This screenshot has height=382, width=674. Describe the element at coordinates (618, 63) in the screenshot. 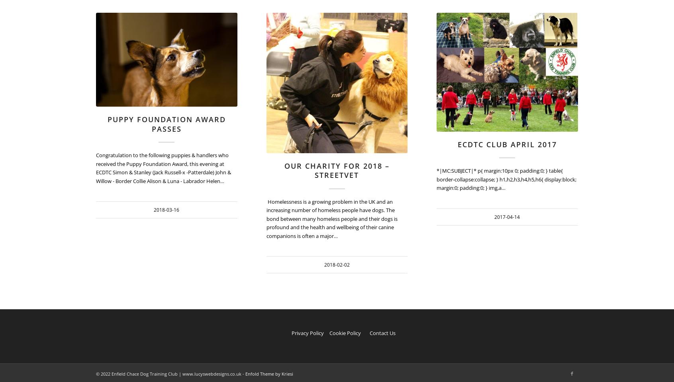

I see `'2017-04-14 16:07:54'` at that location.